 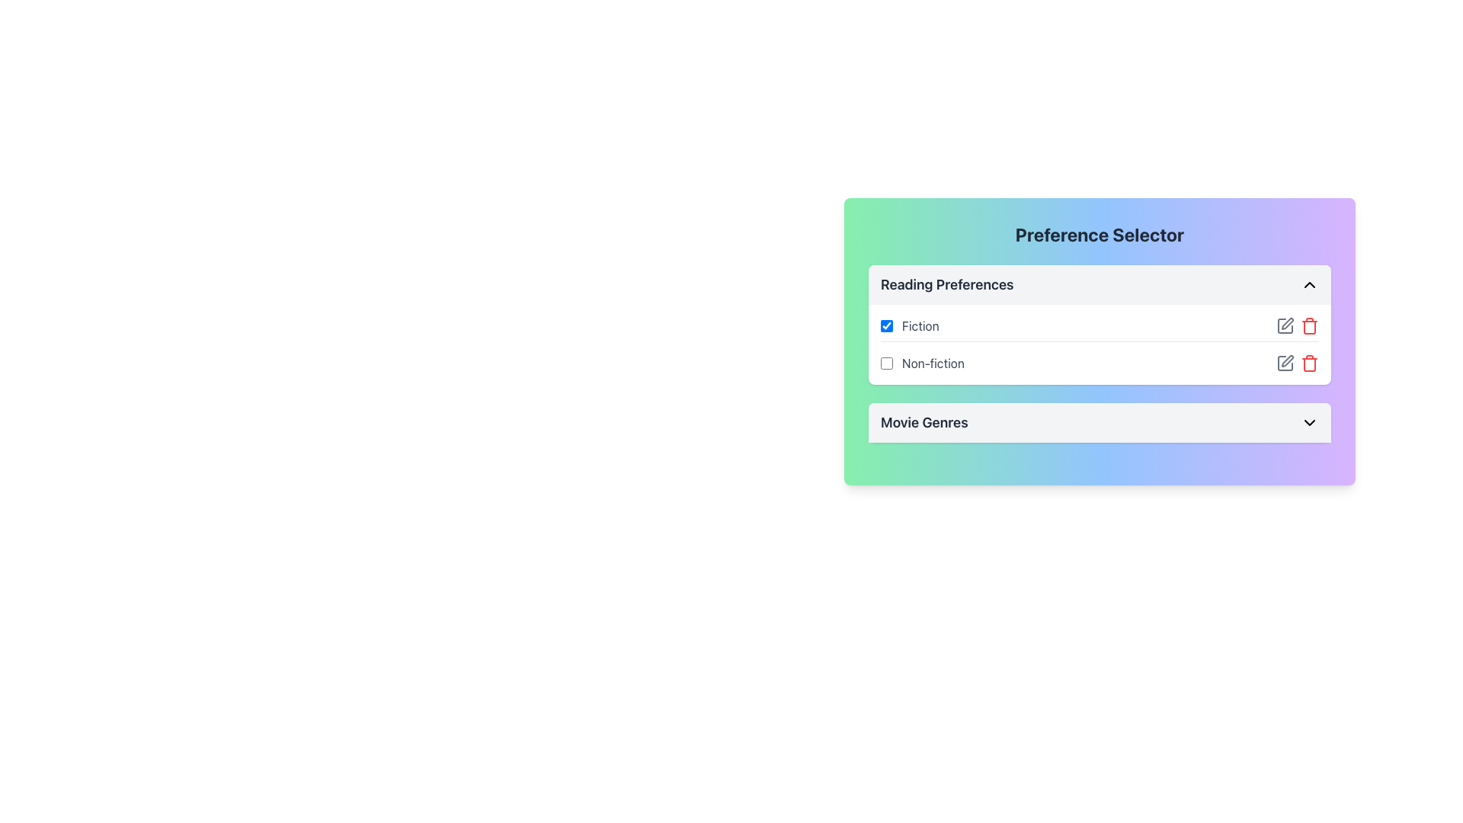 I want to click on the 'Non-fiction' checkbox element located in the second row of the 'Reading Preferences' section within the 'Preference Selector' panel, so click(x=921, y=363).